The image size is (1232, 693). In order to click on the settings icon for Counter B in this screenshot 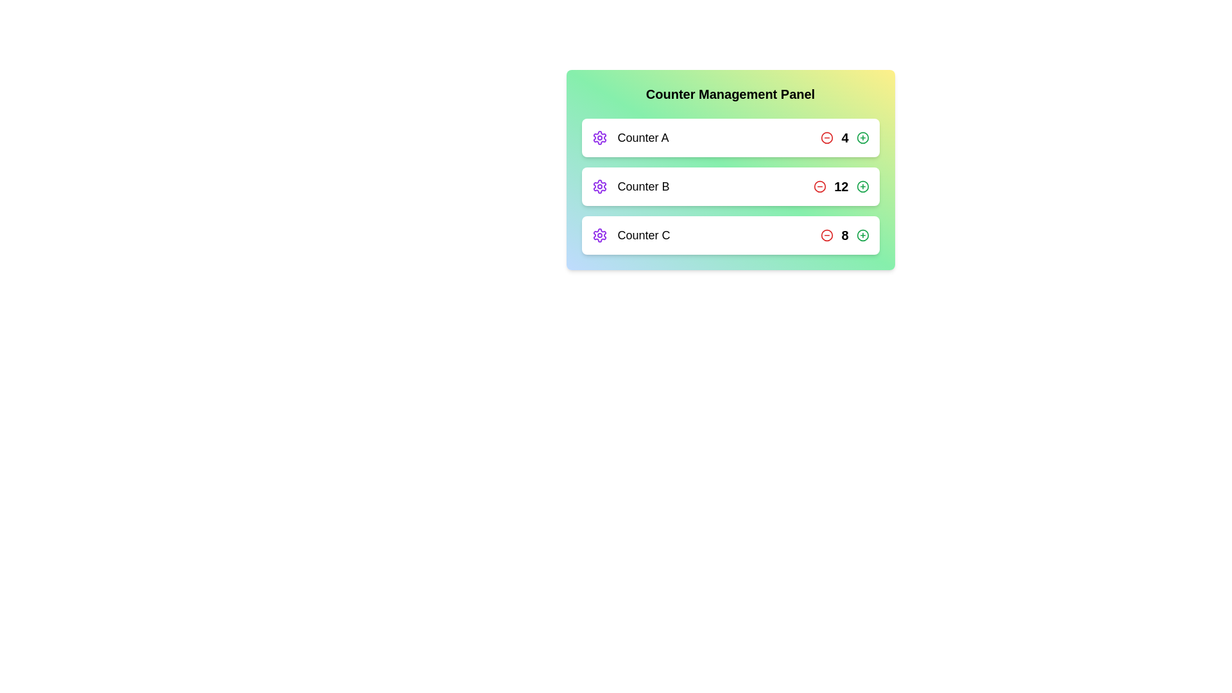, I will do `click(599, 186)`.